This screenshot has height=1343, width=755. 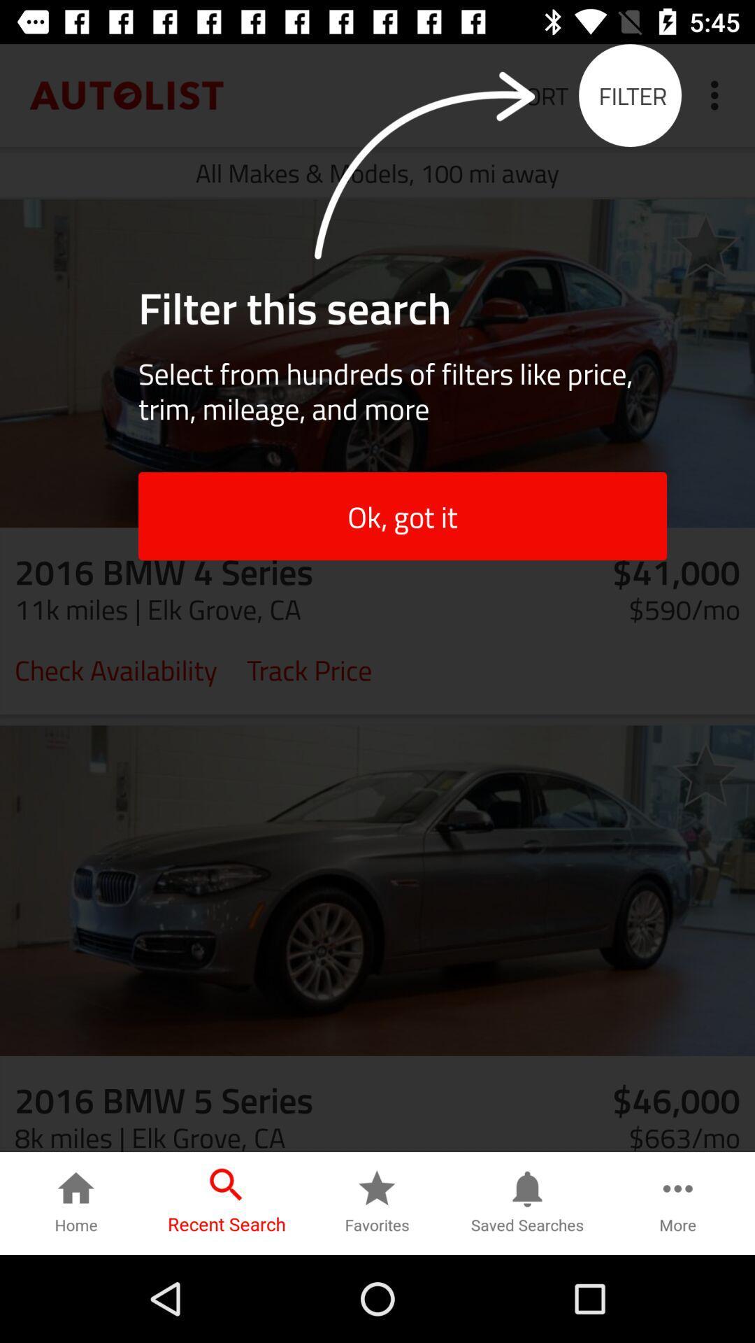 I want to click on item on the left, so click(x=115, y=668).